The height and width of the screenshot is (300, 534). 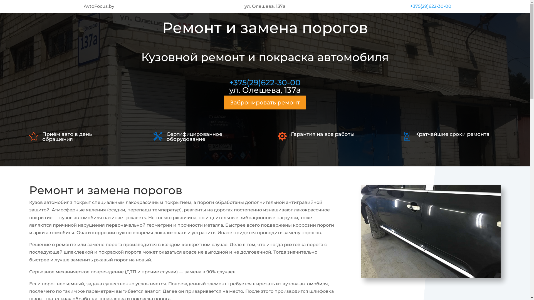 I want to click on '+375(29)622-30-00', so click(x=264, y=82).